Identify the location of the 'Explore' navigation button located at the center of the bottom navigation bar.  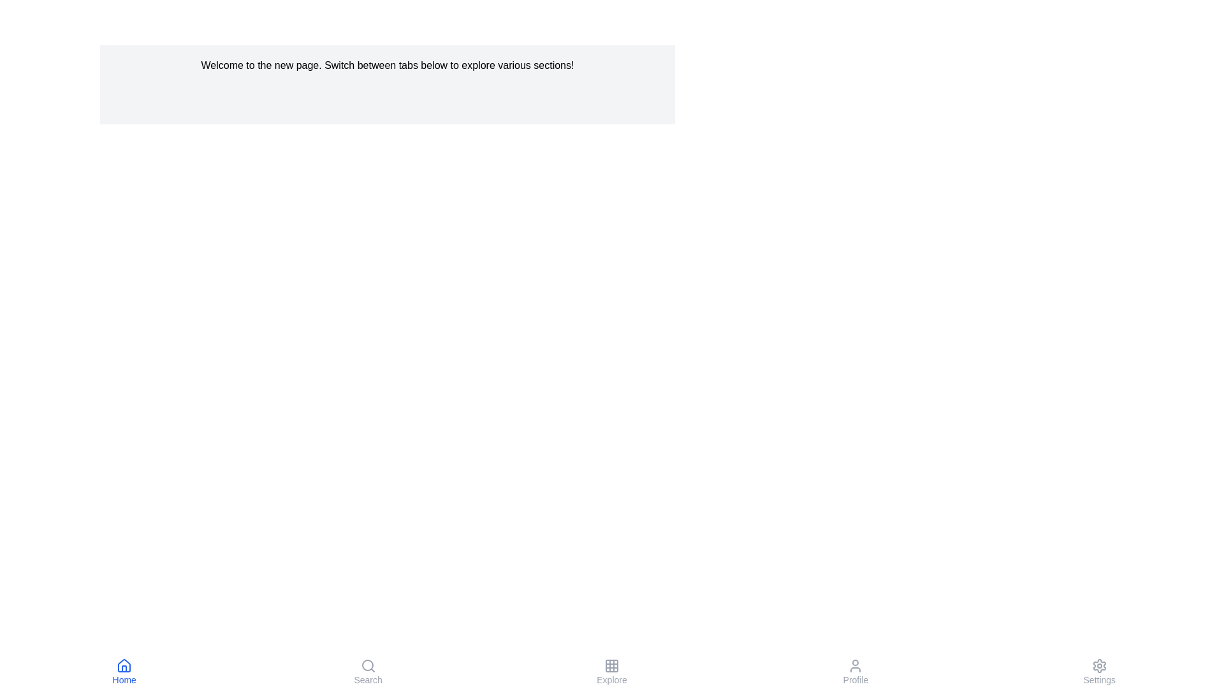
(612, 671).